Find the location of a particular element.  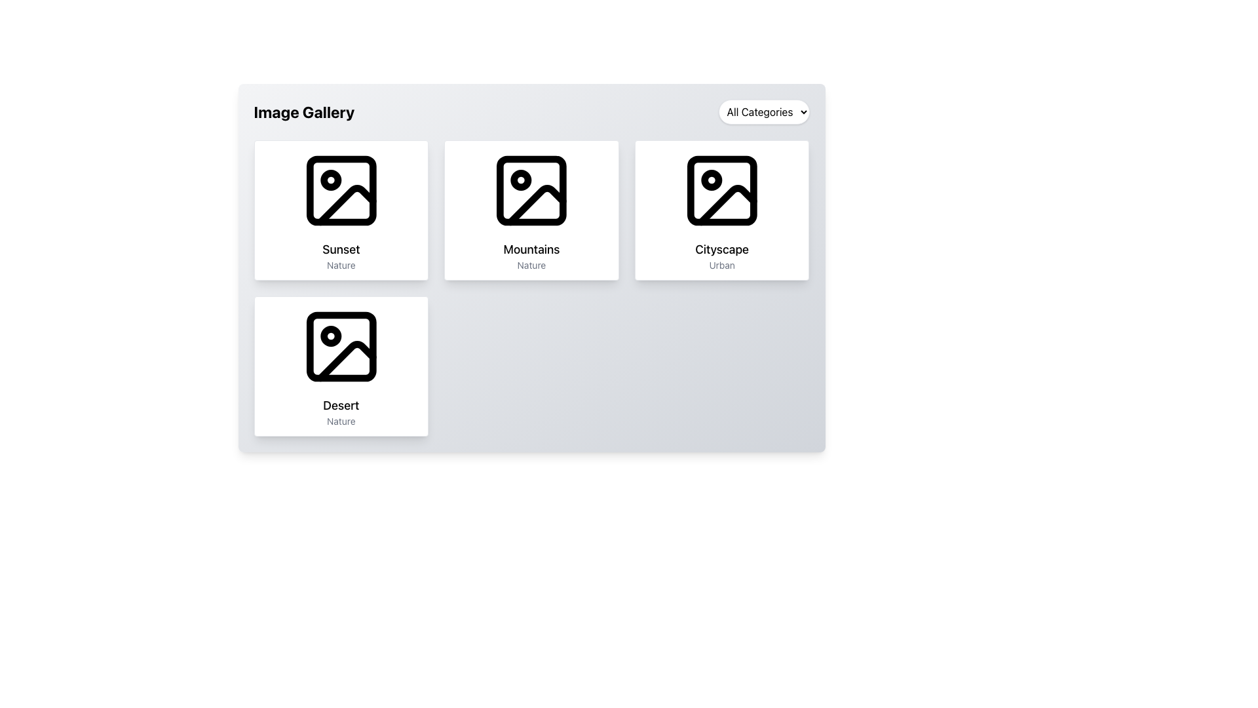

the static decorative rectangle element located within the photo icon in the bottom-left slot of the 2x2 grid under the 'Desert' label is located at coordinates (341, 345).